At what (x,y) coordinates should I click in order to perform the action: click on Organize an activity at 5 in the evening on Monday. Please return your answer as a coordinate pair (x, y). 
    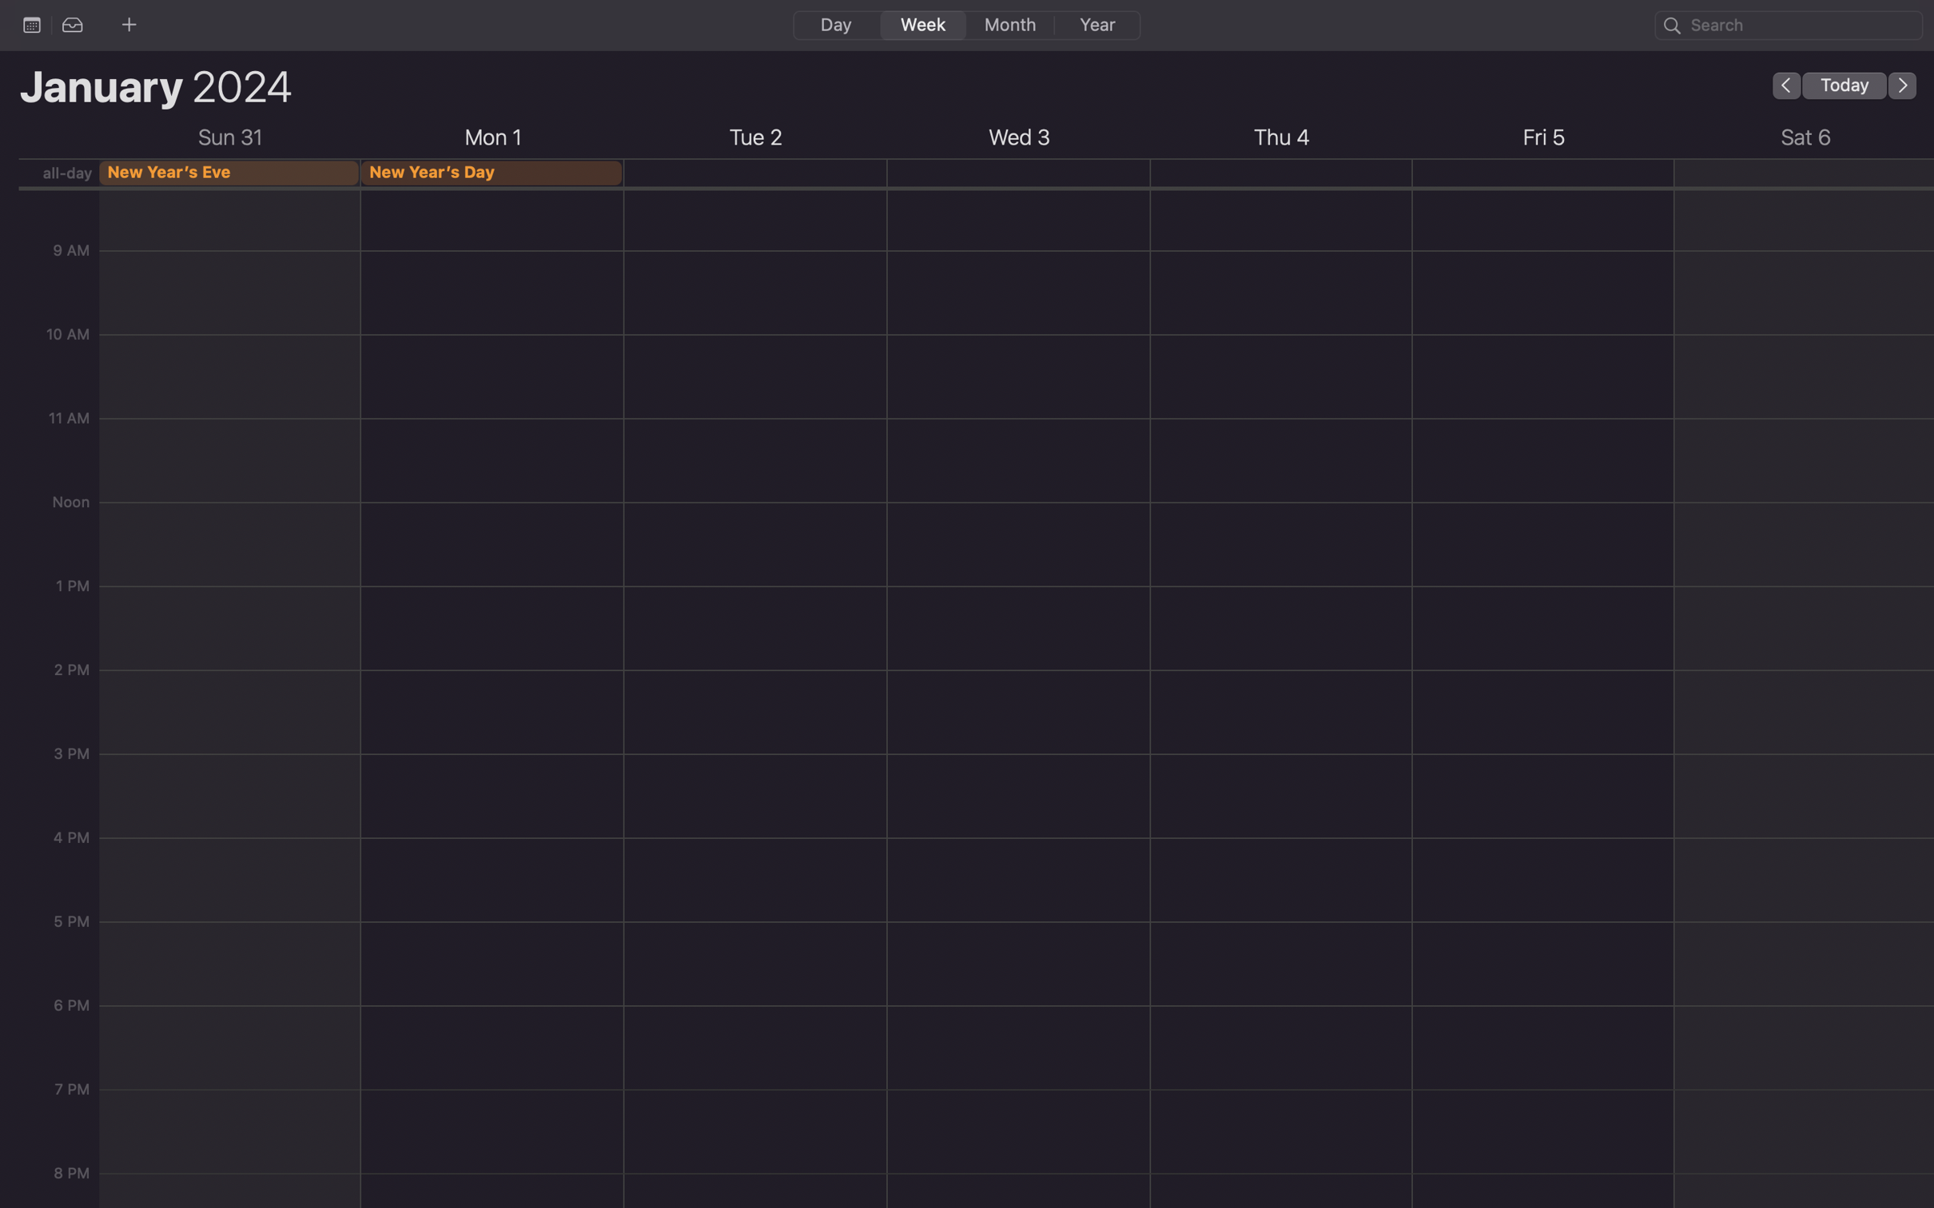
    Looking at the image, I should click on (492, 776).